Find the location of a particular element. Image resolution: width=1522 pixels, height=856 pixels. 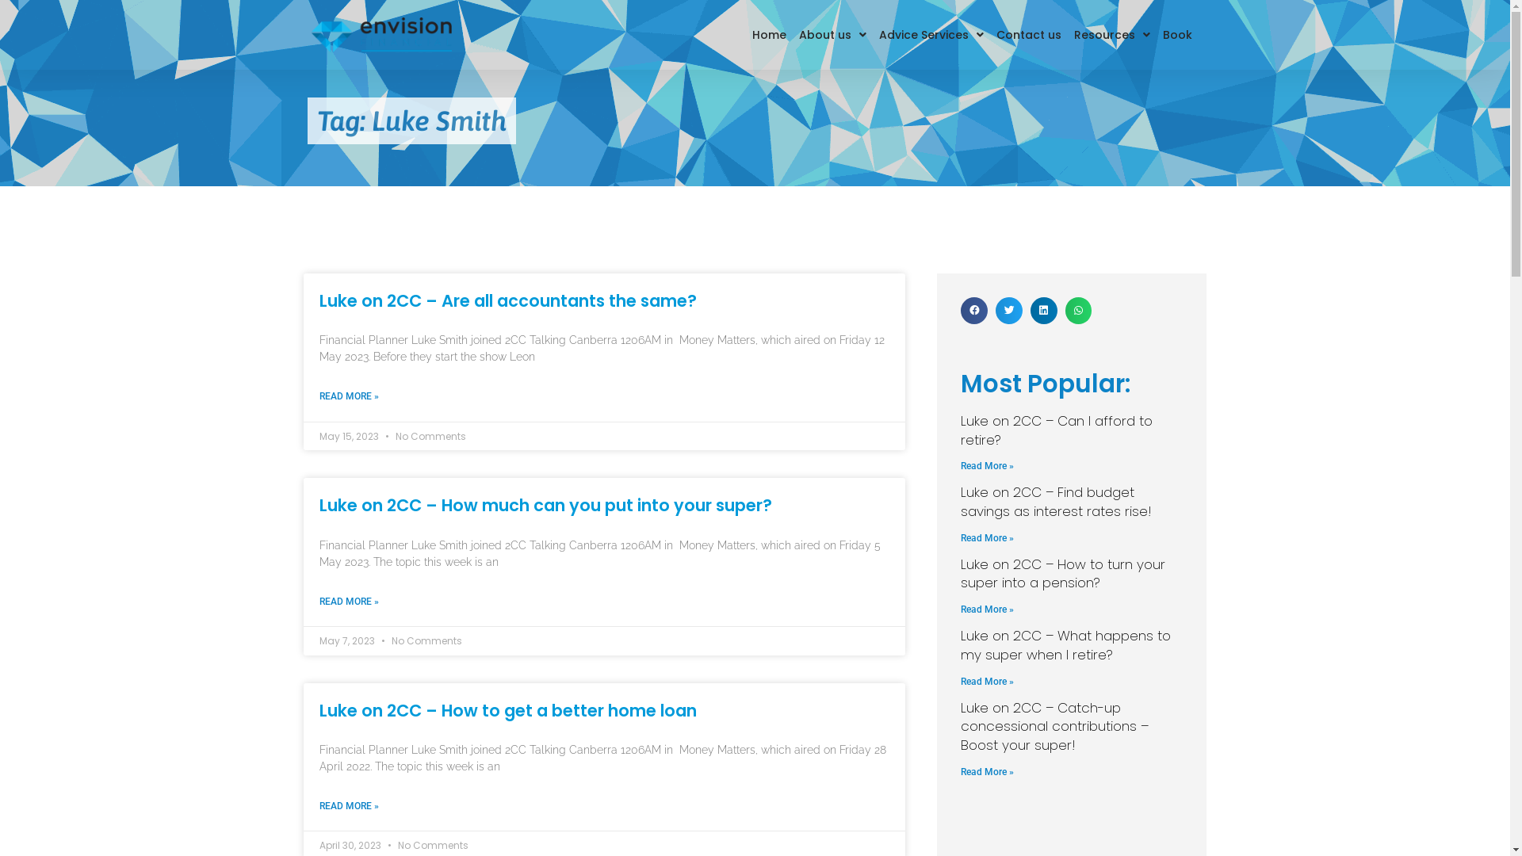

'envision-logo-landscape' is located at coordinates (380, 34).